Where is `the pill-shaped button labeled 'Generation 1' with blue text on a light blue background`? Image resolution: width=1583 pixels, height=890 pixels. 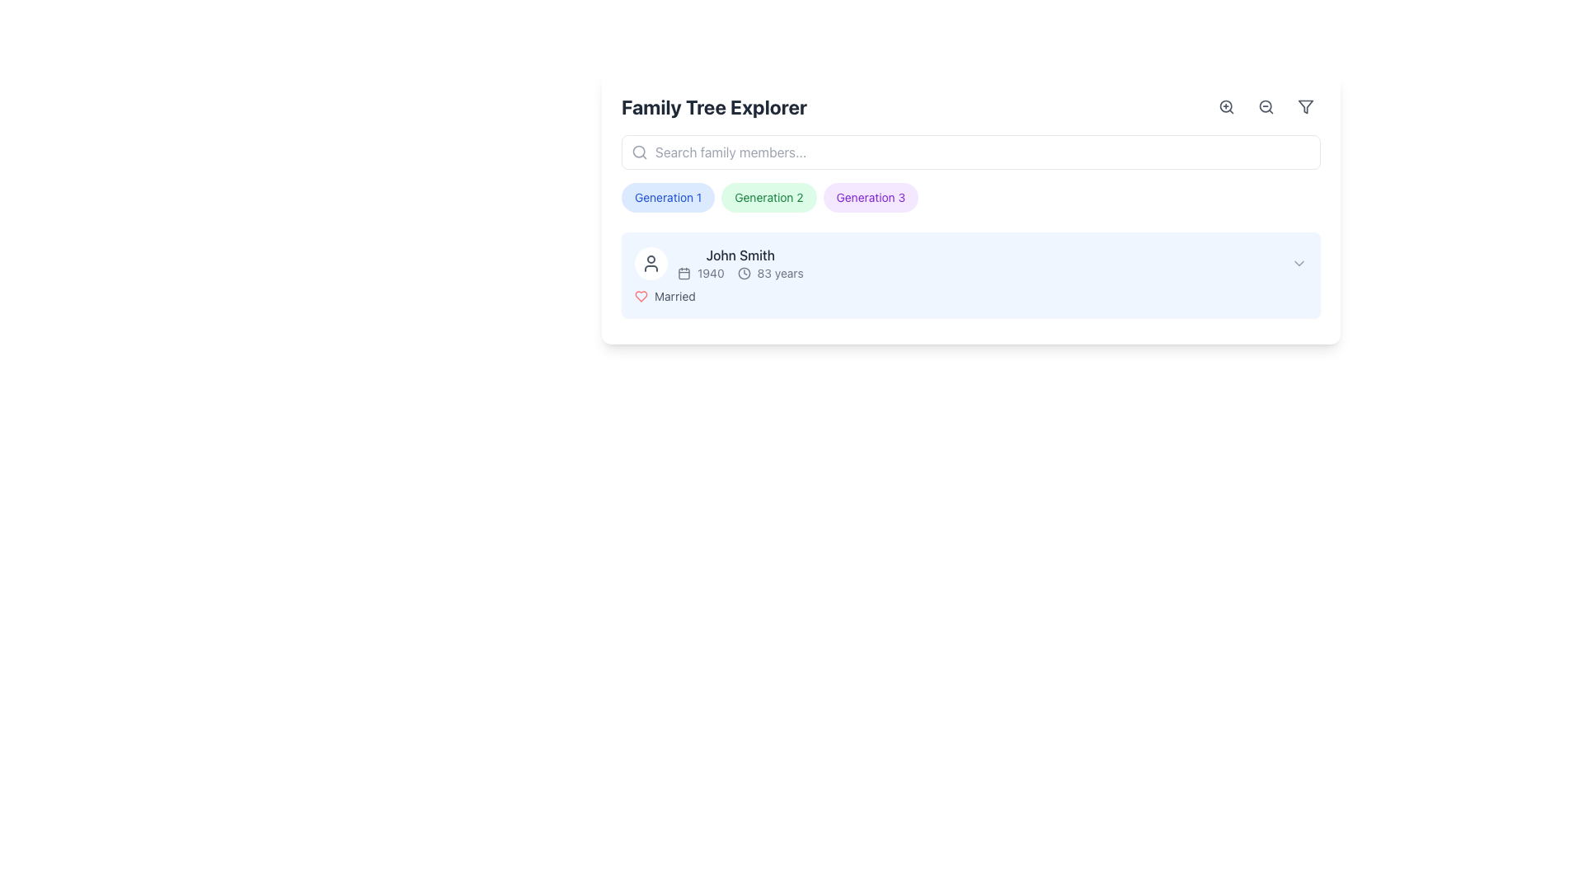
the pill-shaped button labeled 'Generation 1' with blue text on a light blue background is located at coordinates (668, 196).